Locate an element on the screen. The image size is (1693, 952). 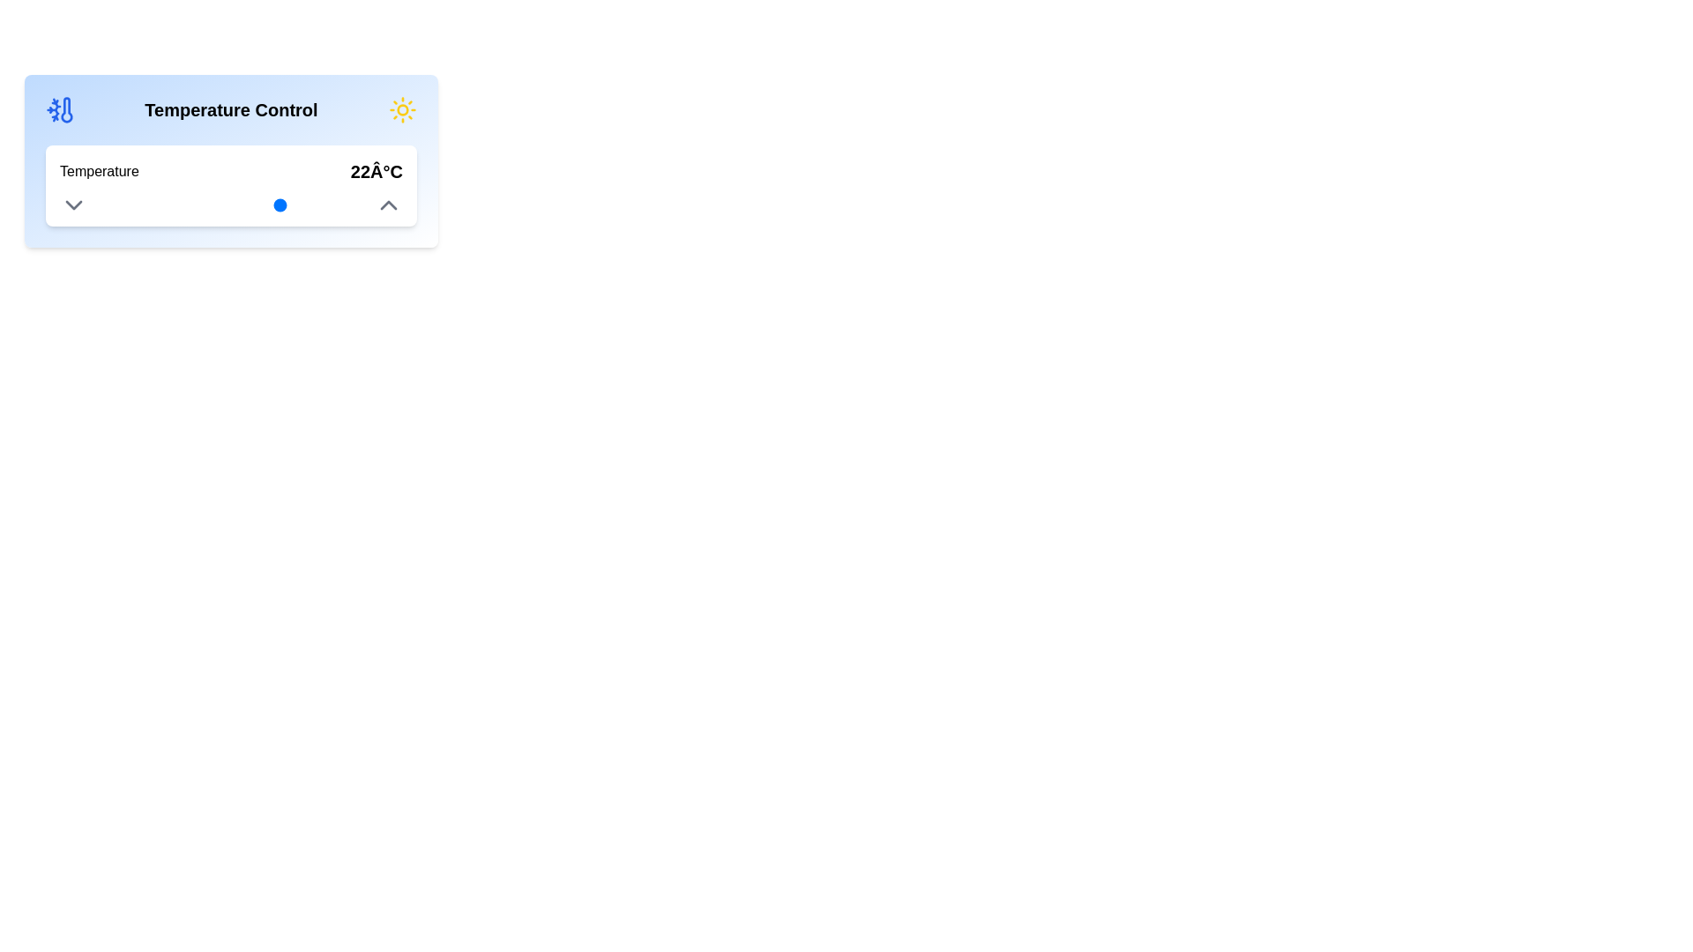
the temperature is located at coordinates (197, 204).